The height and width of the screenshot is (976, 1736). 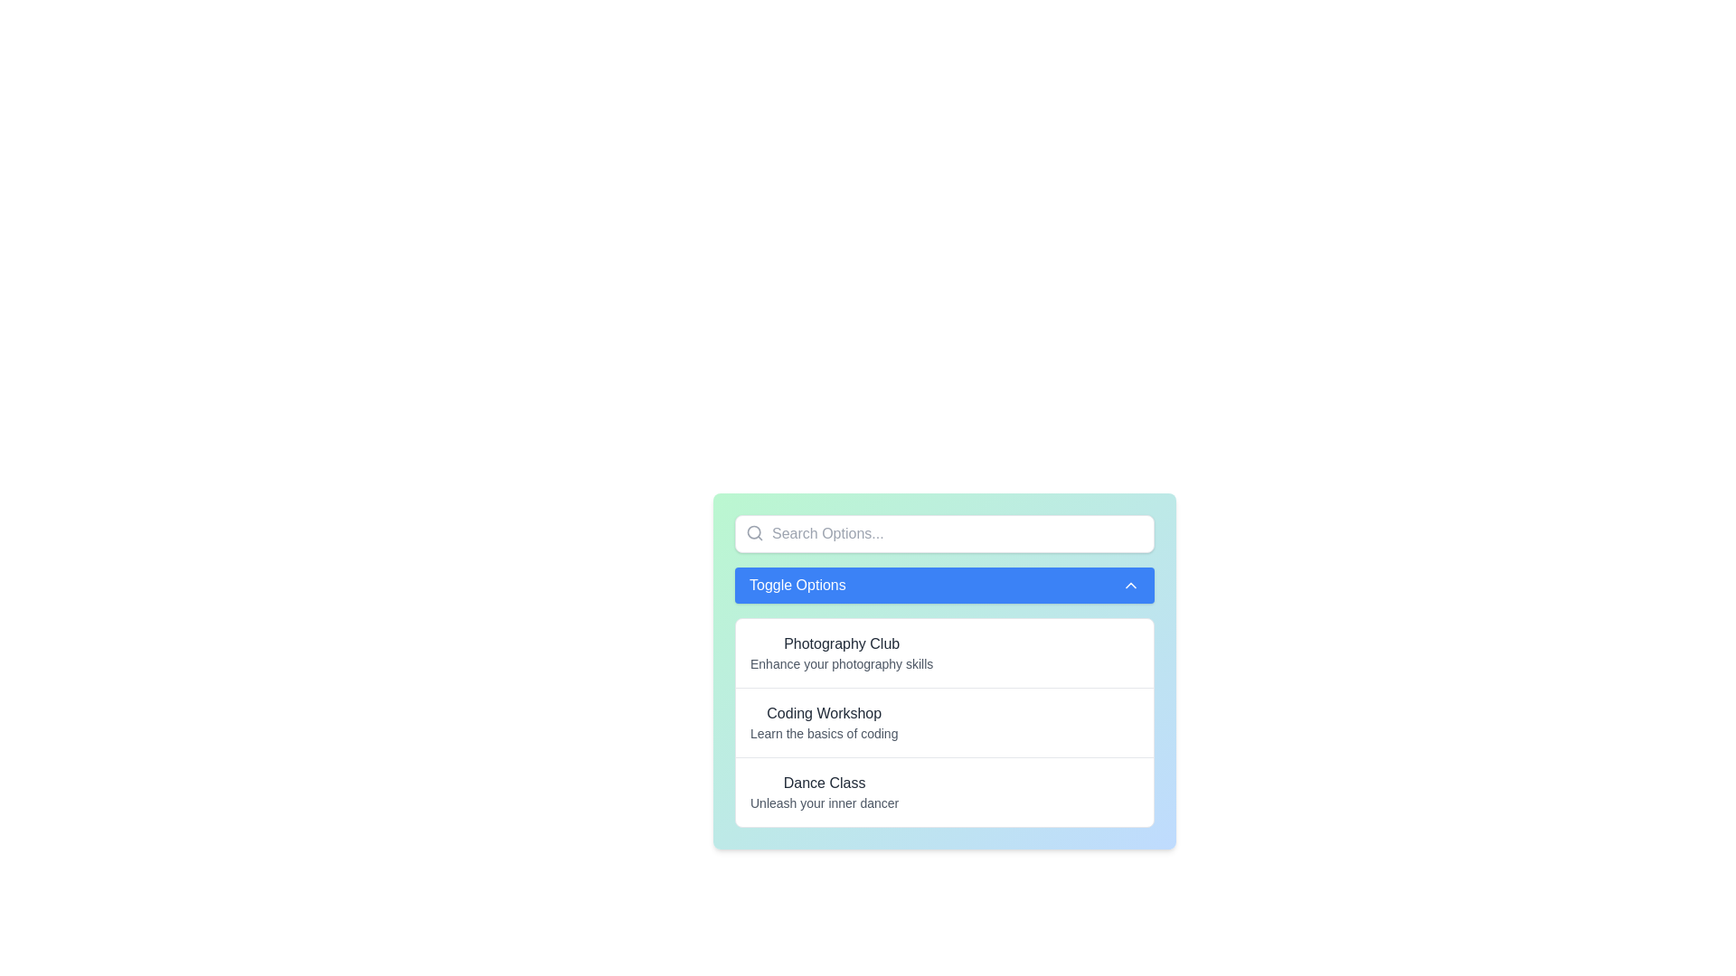 What do you see at coordinates (824, 783) in the screenshot?
I see `the title text label that serves as a header for the activity option within the selection list, located under the 'Toggle Options' section` at bounding box center [824, 783].